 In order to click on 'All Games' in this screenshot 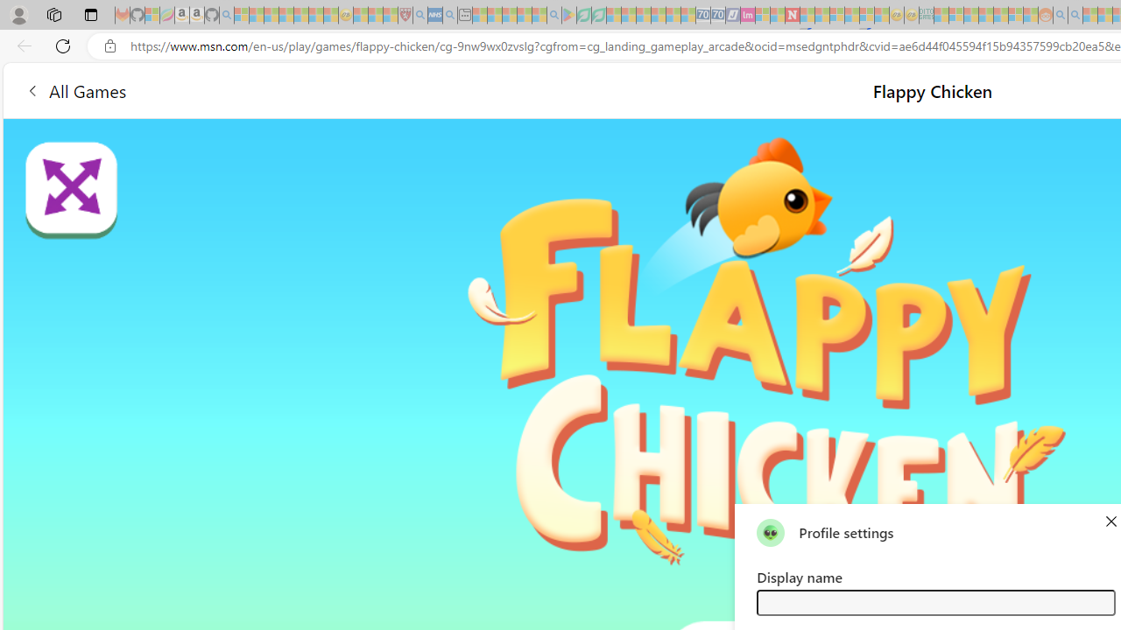, I will do `click(74, 90)`.